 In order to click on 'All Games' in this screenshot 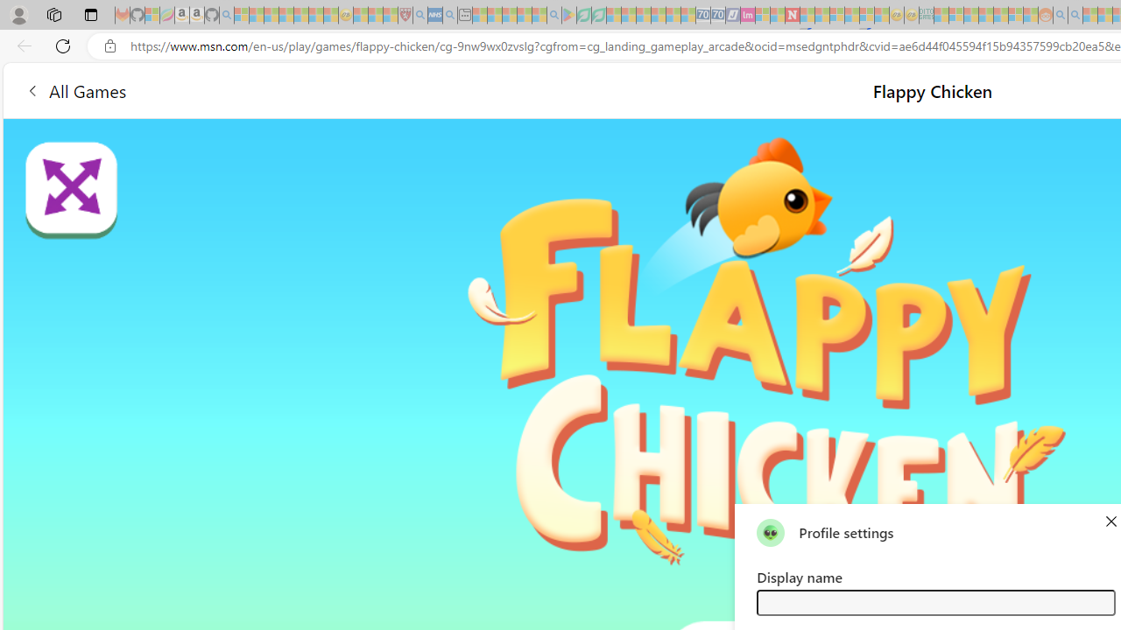, I will do `click(74, 90)`.